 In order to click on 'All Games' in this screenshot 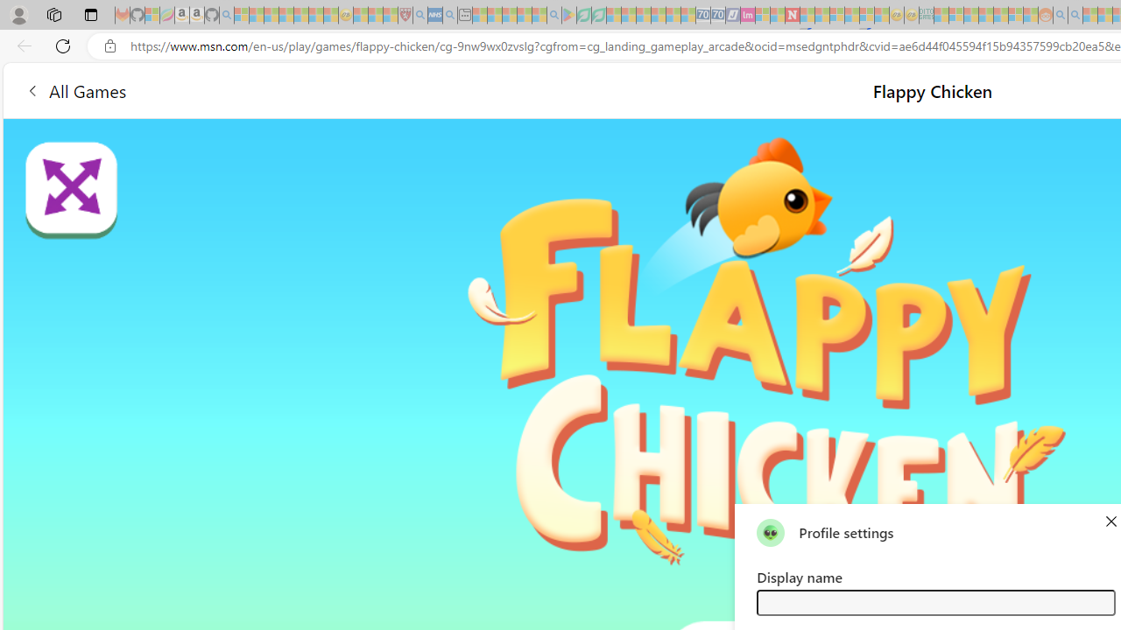, I will do `click(74, 90)`.